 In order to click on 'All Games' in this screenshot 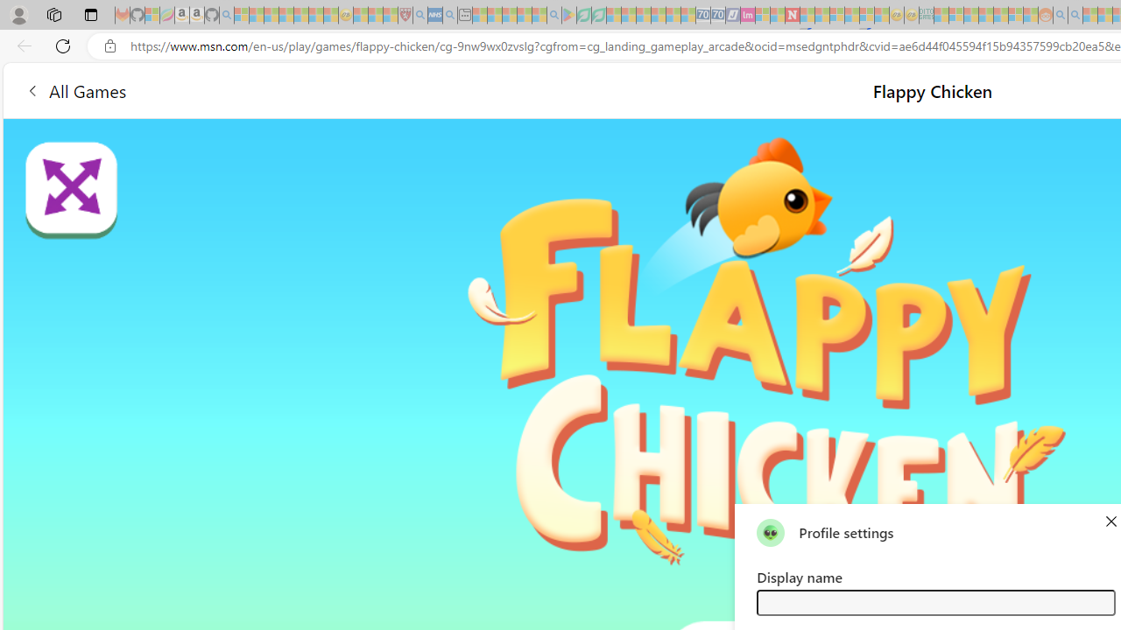, I will do `click(74, 90)`.